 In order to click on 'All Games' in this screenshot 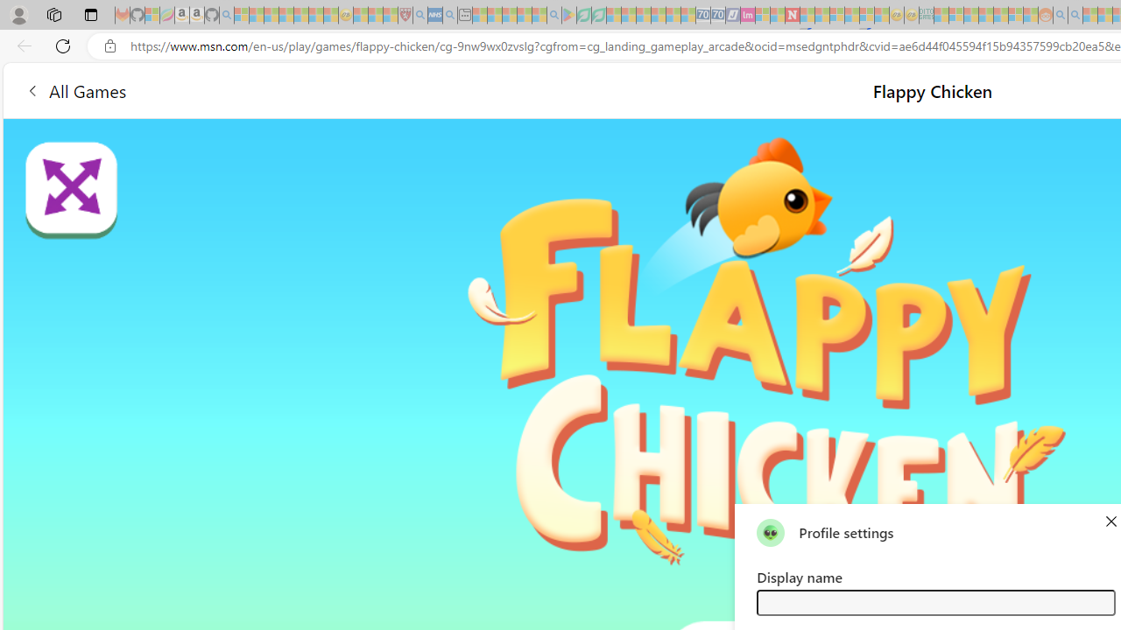, I will do `click(74, 90)`.